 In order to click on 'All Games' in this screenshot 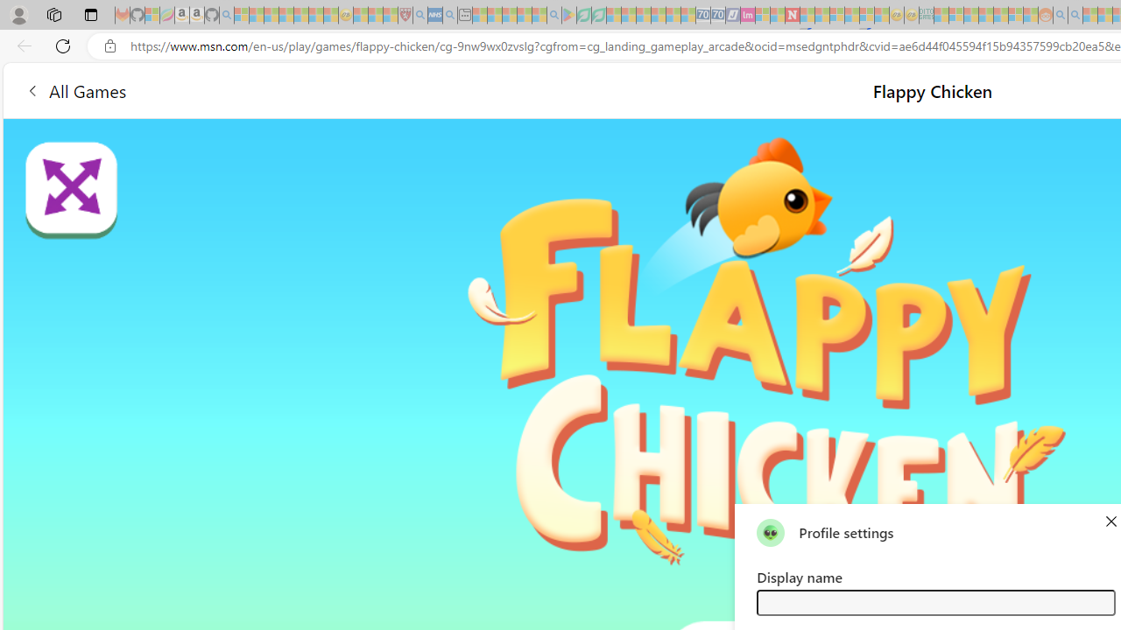, I will do `click(74, 90)`.